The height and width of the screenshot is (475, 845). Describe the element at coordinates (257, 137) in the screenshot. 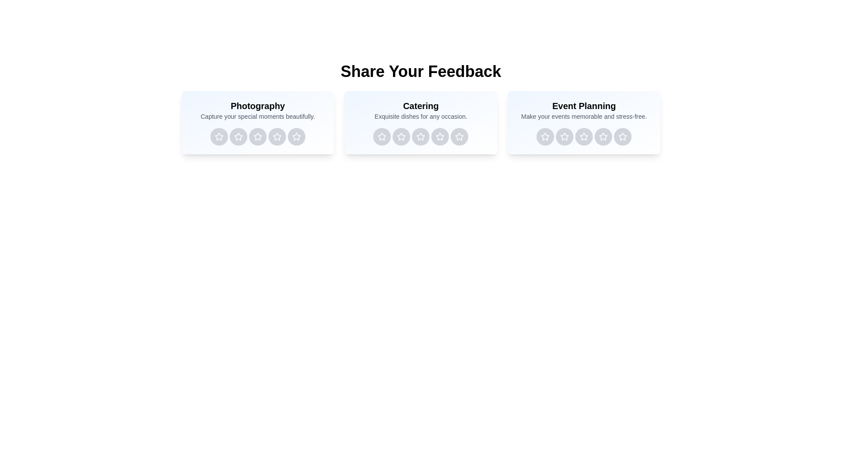

I see `the rating button for Photography service with 3 stars` at that location.